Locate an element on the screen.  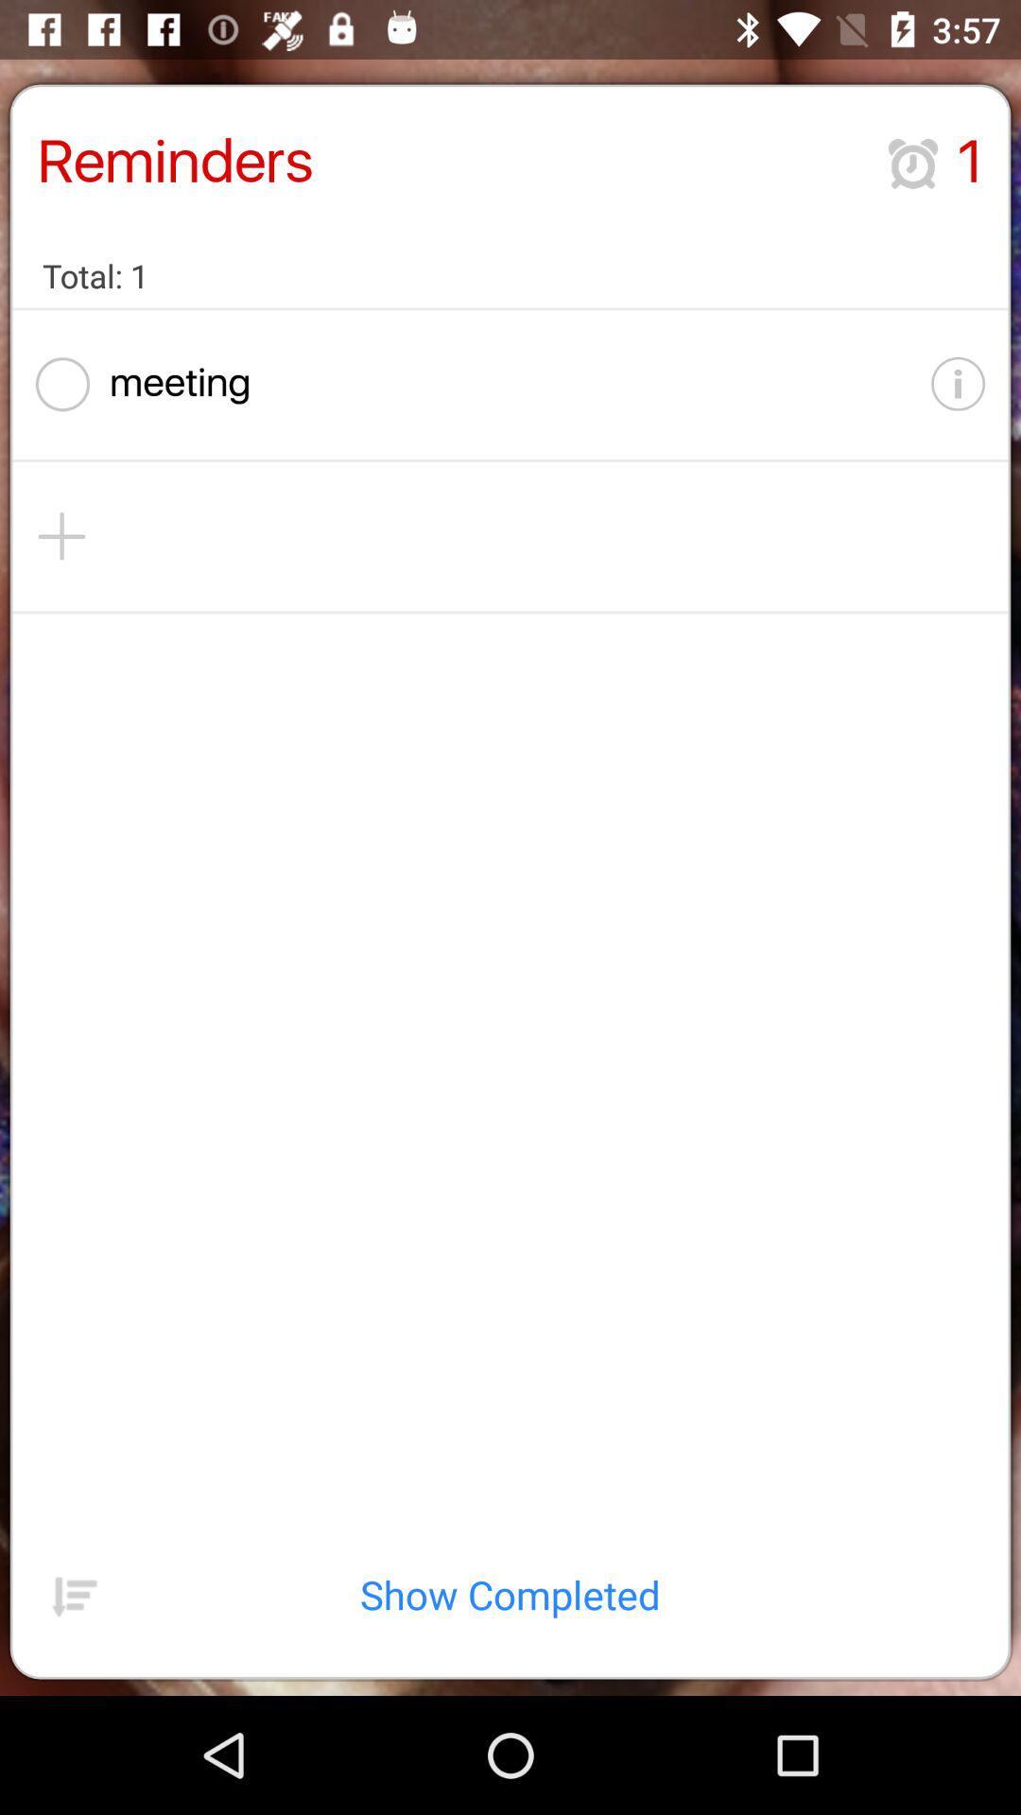
help icon is located at coordinates (932, 384).